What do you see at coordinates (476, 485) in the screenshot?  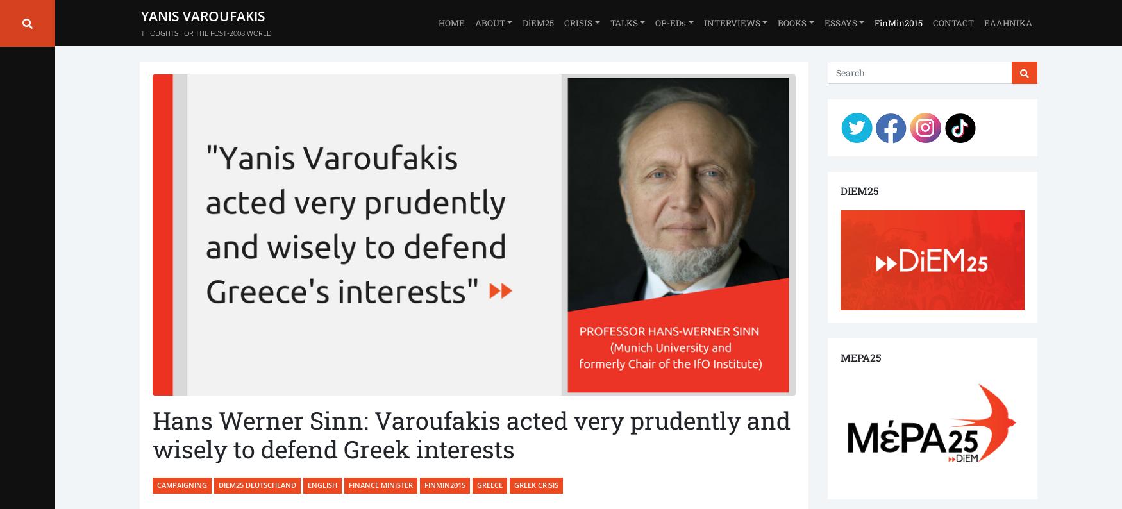 I see `'Greece'` at bounding box center [476, 485].